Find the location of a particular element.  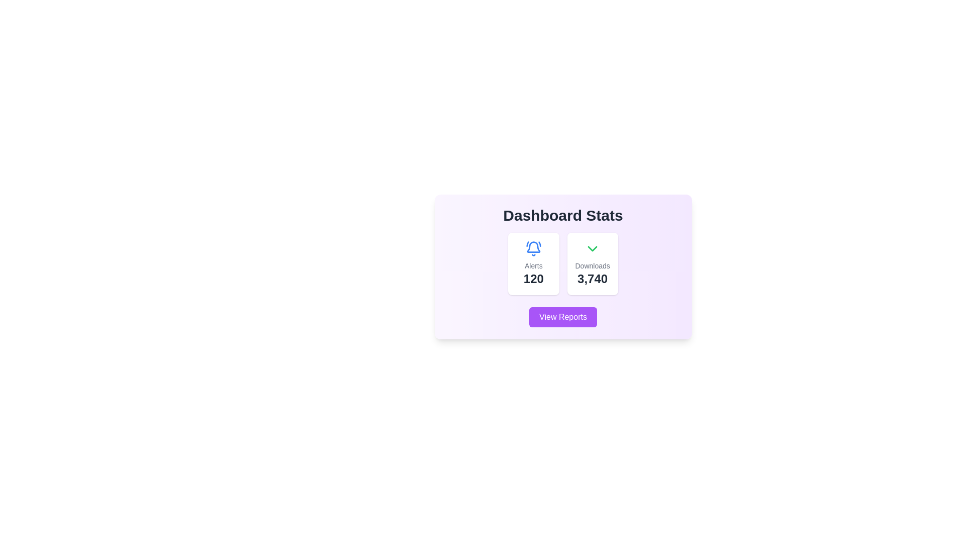

the text display element that shows the total number of downloads is located at coordinates (593, 279).